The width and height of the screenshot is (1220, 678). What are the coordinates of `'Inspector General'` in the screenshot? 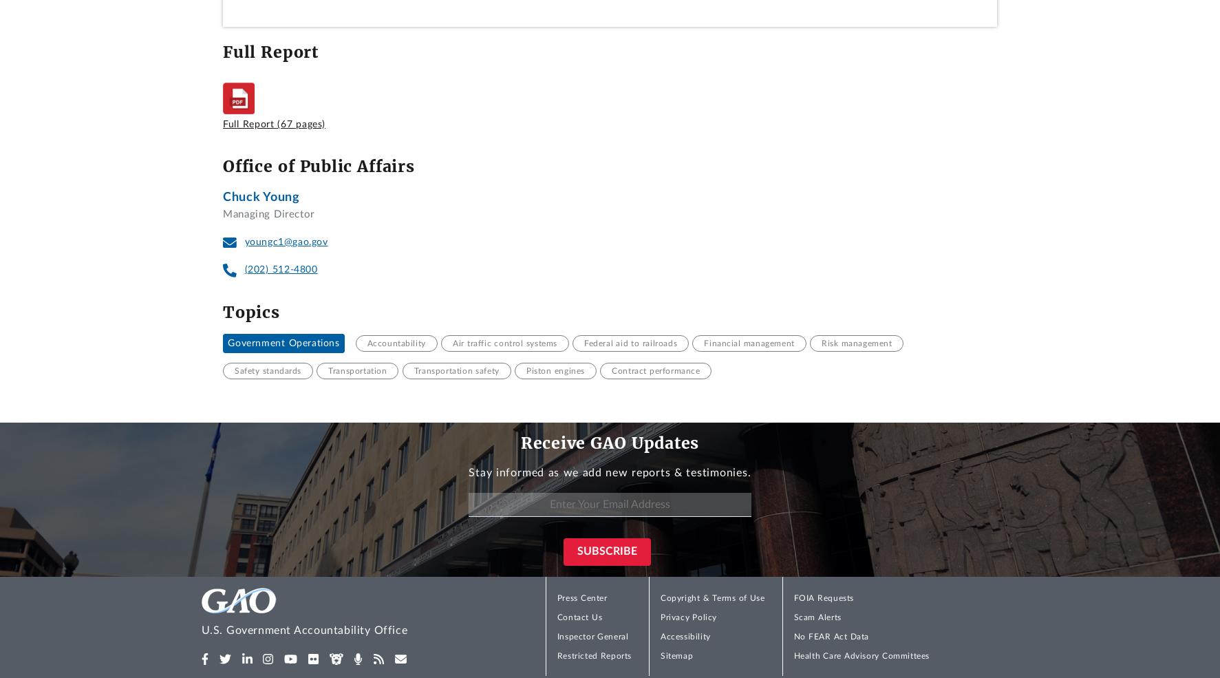 It's located at (591, 637).